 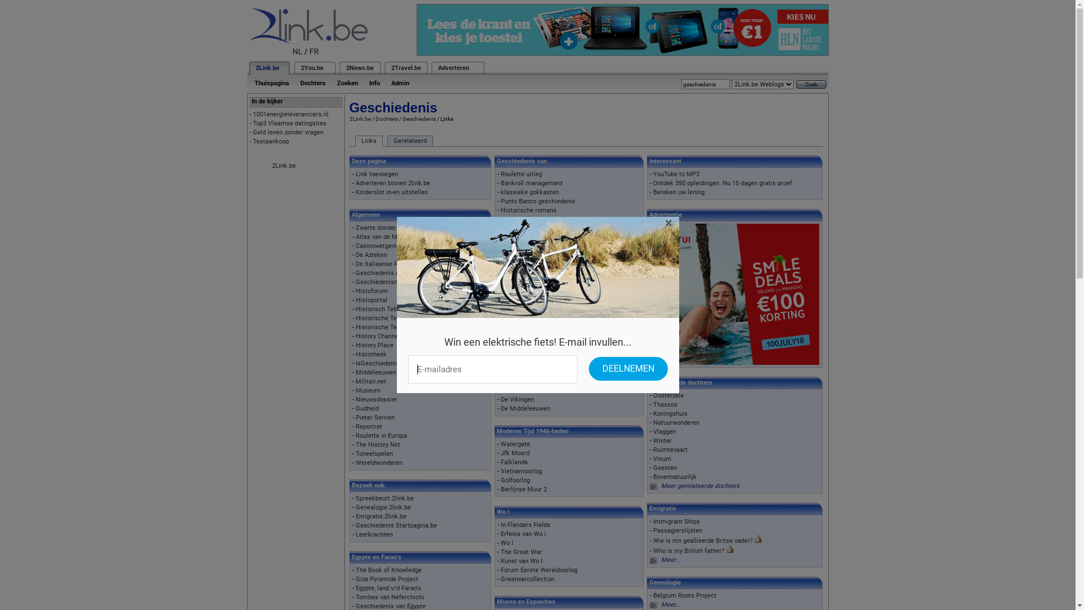 I want to click on 'Berlijnse Muur 2', so click(x=523, y=489).